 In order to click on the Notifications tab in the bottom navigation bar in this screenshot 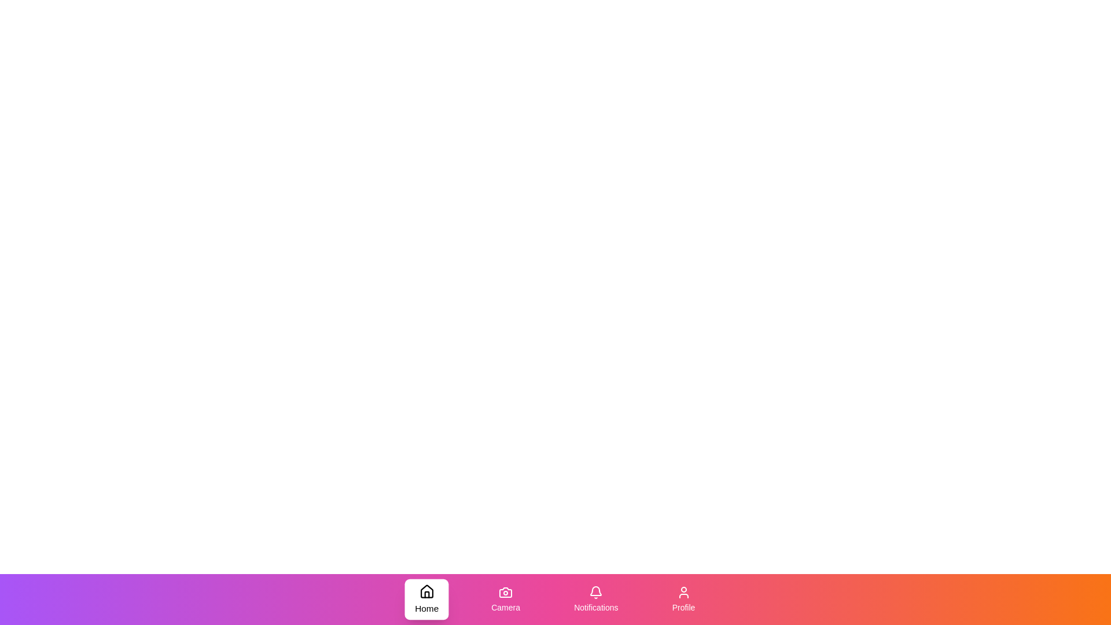, I will do `click(596, 599)`.